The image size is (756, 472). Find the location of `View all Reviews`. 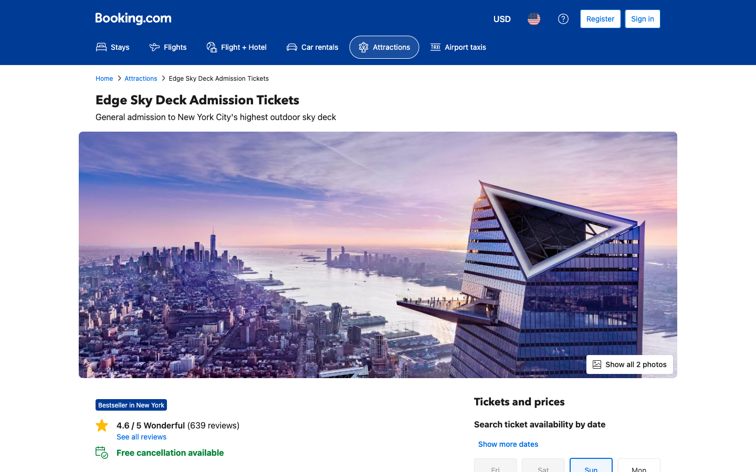

View all Reviews is located at coordinates (287, 437).